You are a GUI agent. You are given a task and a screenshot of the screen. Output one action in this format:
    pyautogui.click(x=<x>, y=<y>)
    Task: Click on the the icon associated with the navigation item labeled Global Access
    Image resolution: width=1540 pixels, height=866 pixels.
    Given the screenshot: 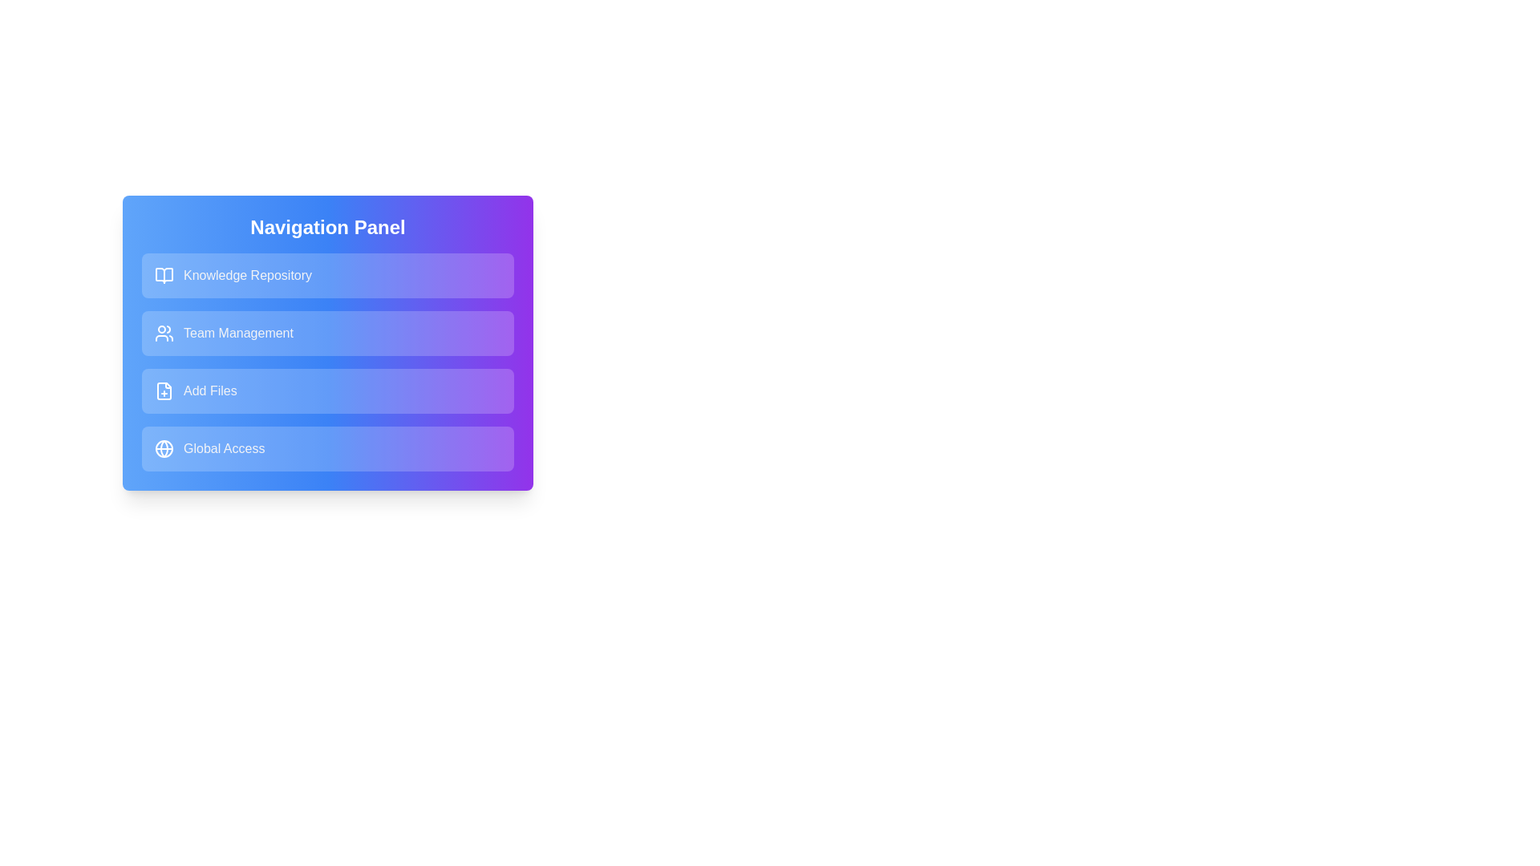 What is the action you would take?
    pyautogui.click(x=164, y=448)
    